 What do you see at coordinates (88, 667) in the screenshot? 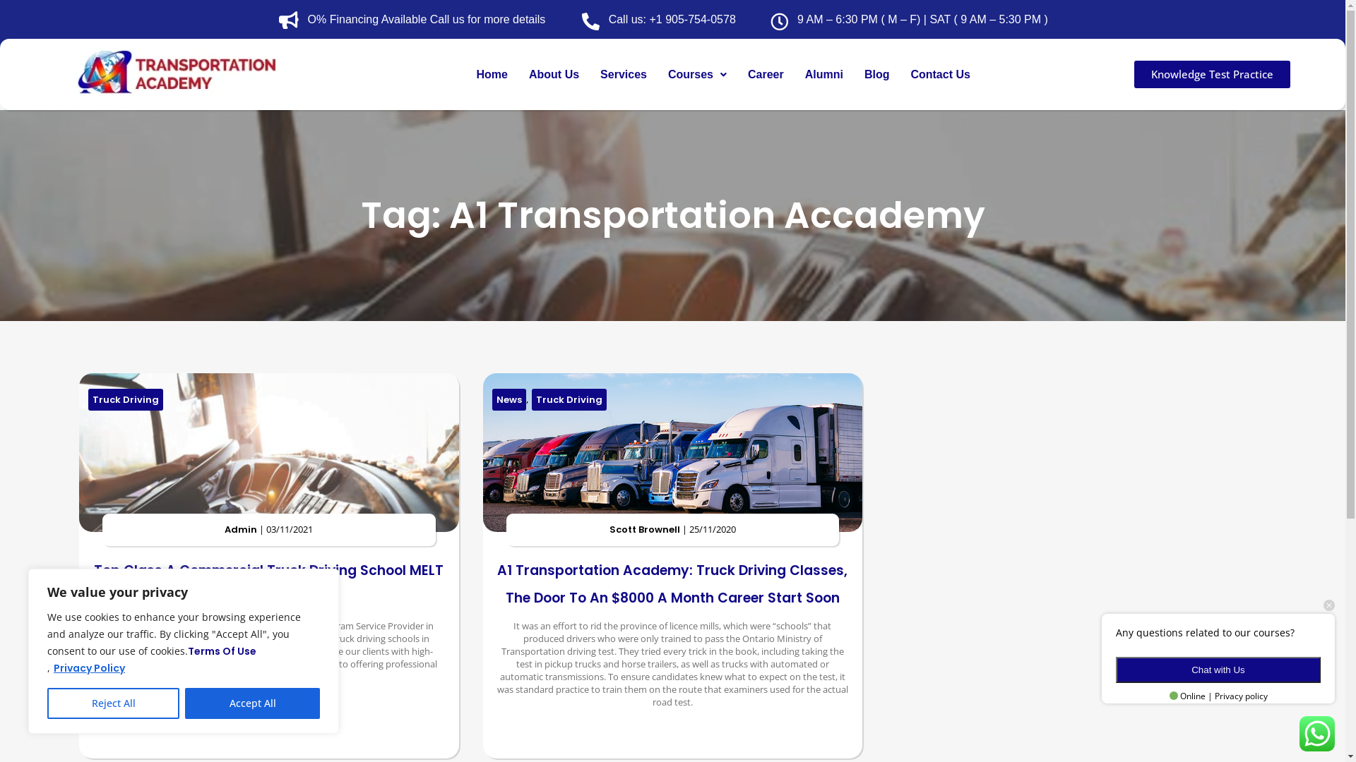
I see `'Privacy Policy'` at bounding box center [88, 667].